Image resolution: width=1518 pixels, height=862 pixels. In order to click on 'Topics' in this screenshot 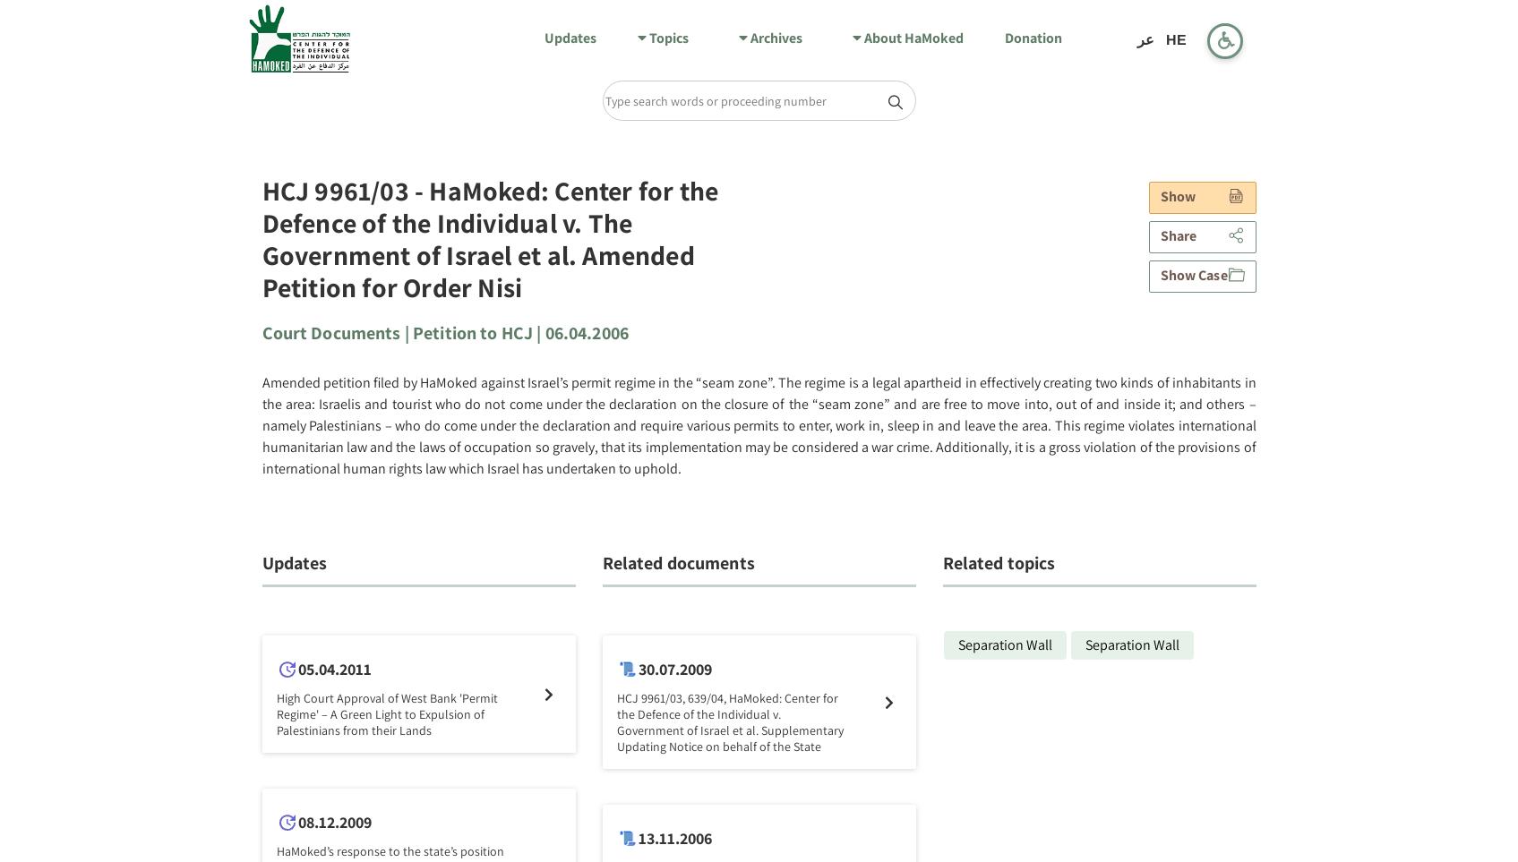, I will do `click(666, 37)`.